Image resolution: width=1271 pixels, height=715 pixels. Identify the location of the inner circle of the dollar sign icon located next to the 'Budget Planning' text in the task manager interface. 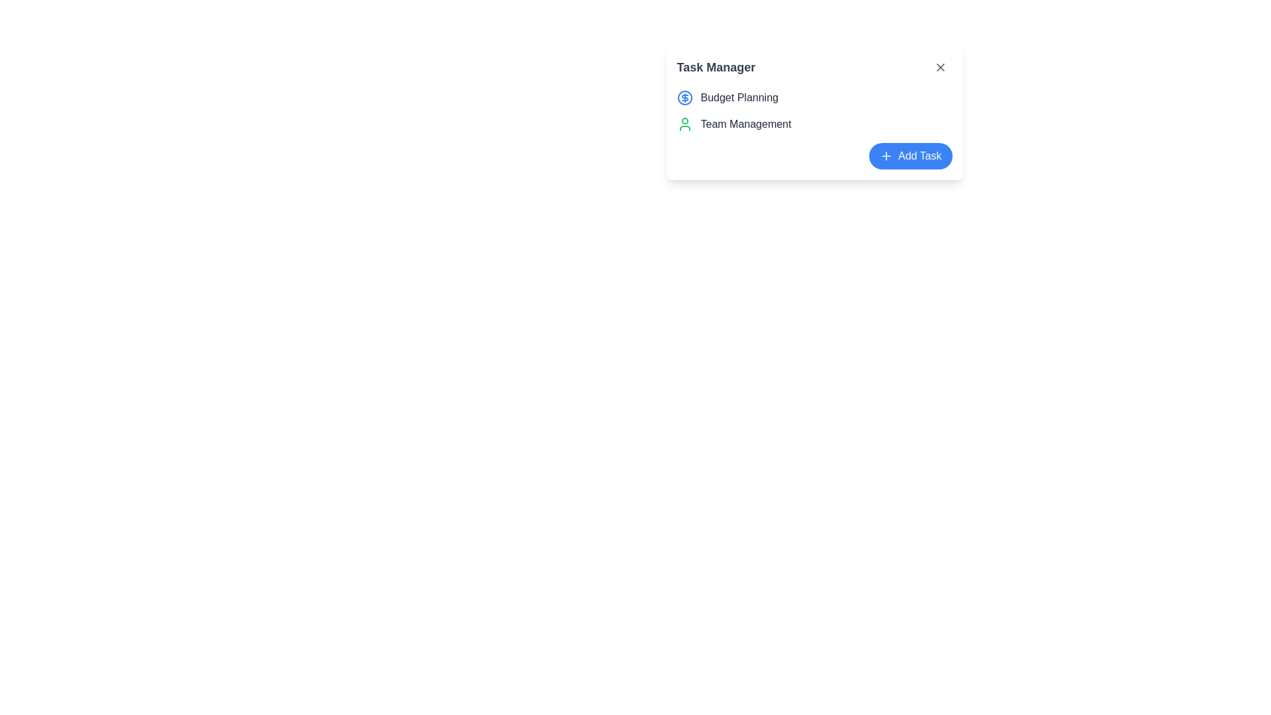
(684, 97).